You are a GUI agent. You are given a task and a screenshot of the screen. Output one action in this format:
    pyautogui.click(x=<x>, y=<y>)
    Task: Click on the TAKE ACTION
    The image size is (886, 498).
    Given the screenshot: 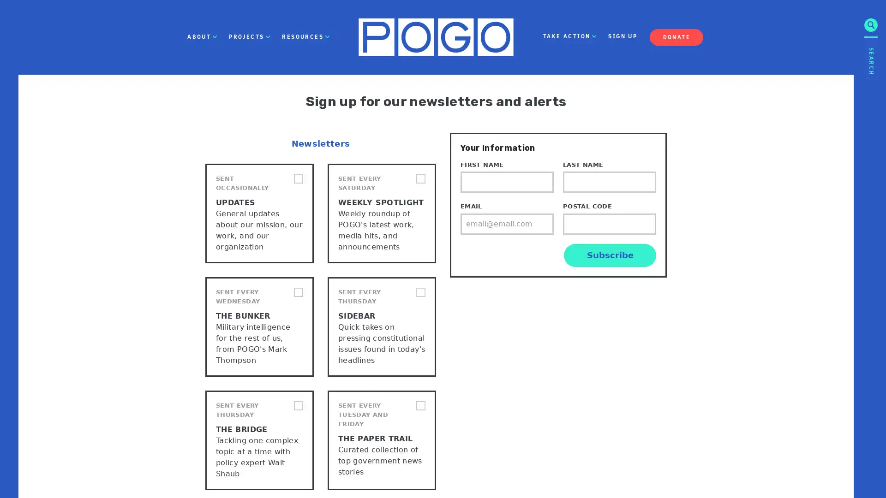 What is the action you would take?
    pyautogui.click(x=569, y=36)
    